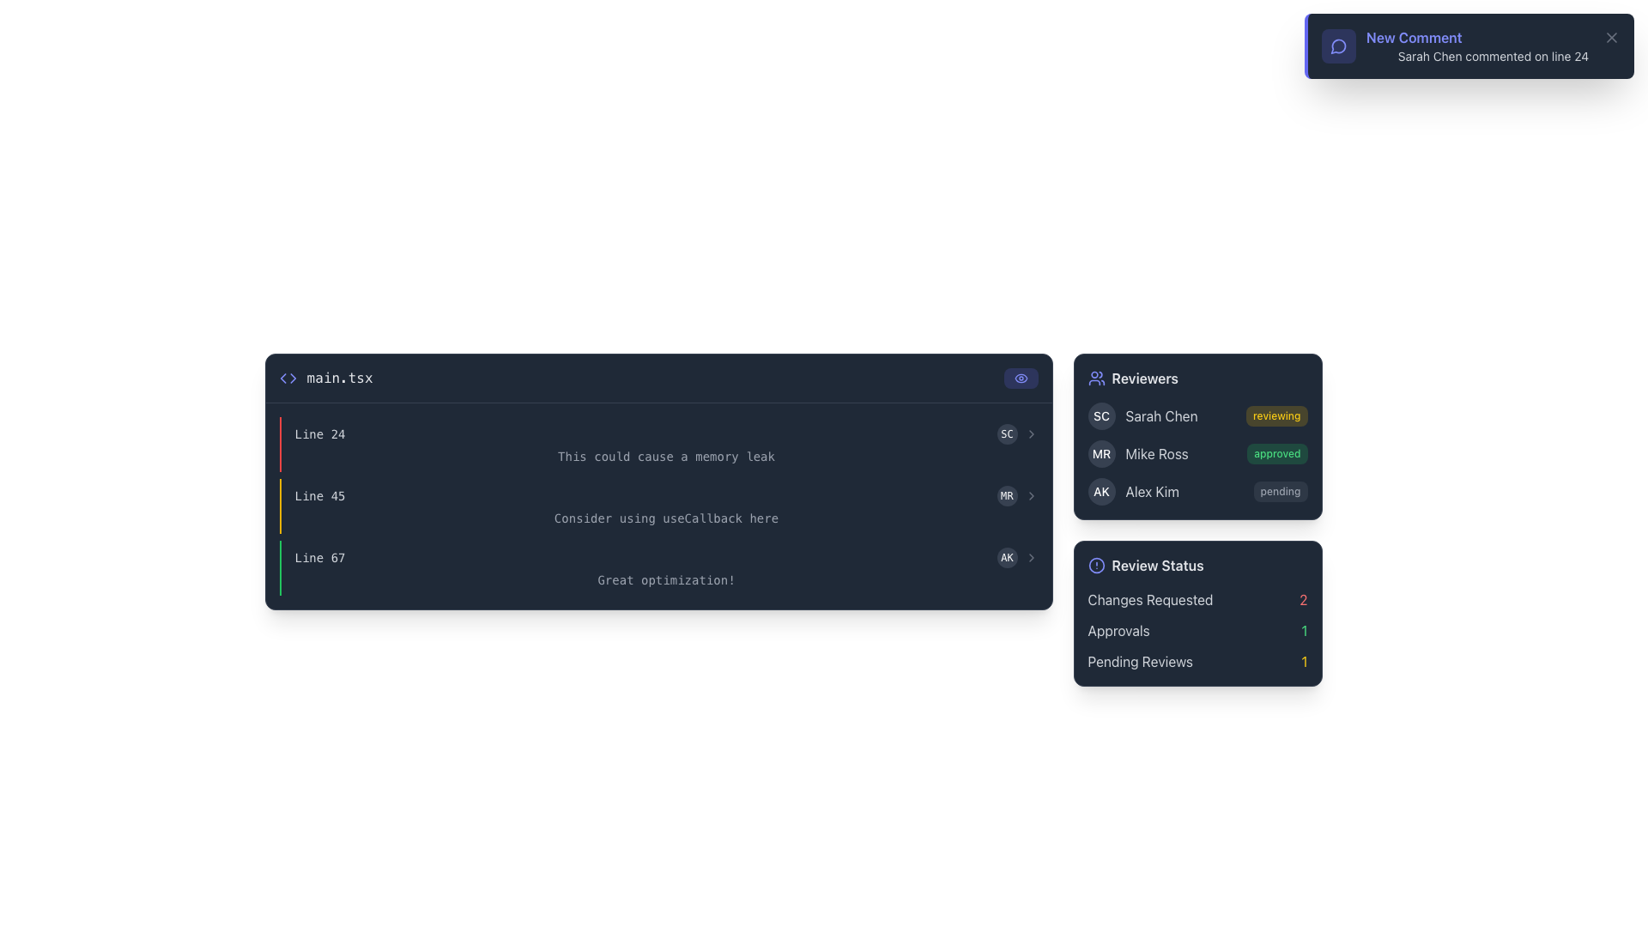  What do you see at coordinates (1338, 45) in the screenshot?
I see `the circular speech bubble icon with a light indigo outline located in the top right corner of the interface` at bounding box center [1338, 45].